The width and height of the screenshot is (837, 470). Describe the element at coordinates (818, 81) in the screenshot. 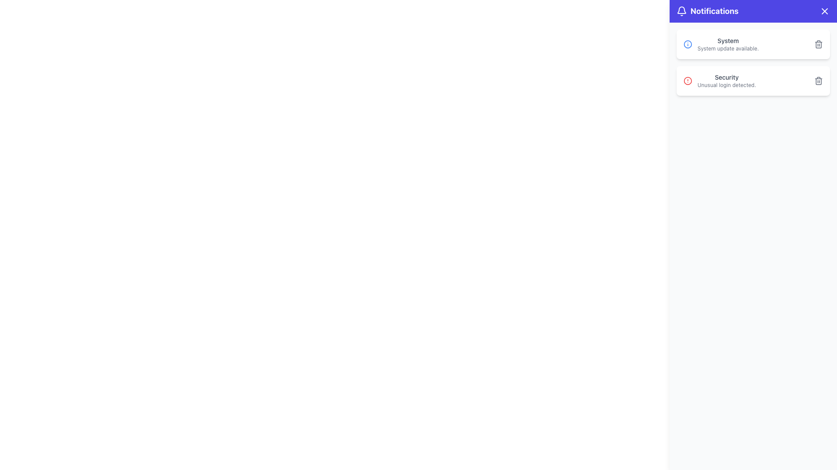

I see `the small square-shaped trash can icon located in the bottom right corner of the 'Security Unusual login detected' notification card` at that location.